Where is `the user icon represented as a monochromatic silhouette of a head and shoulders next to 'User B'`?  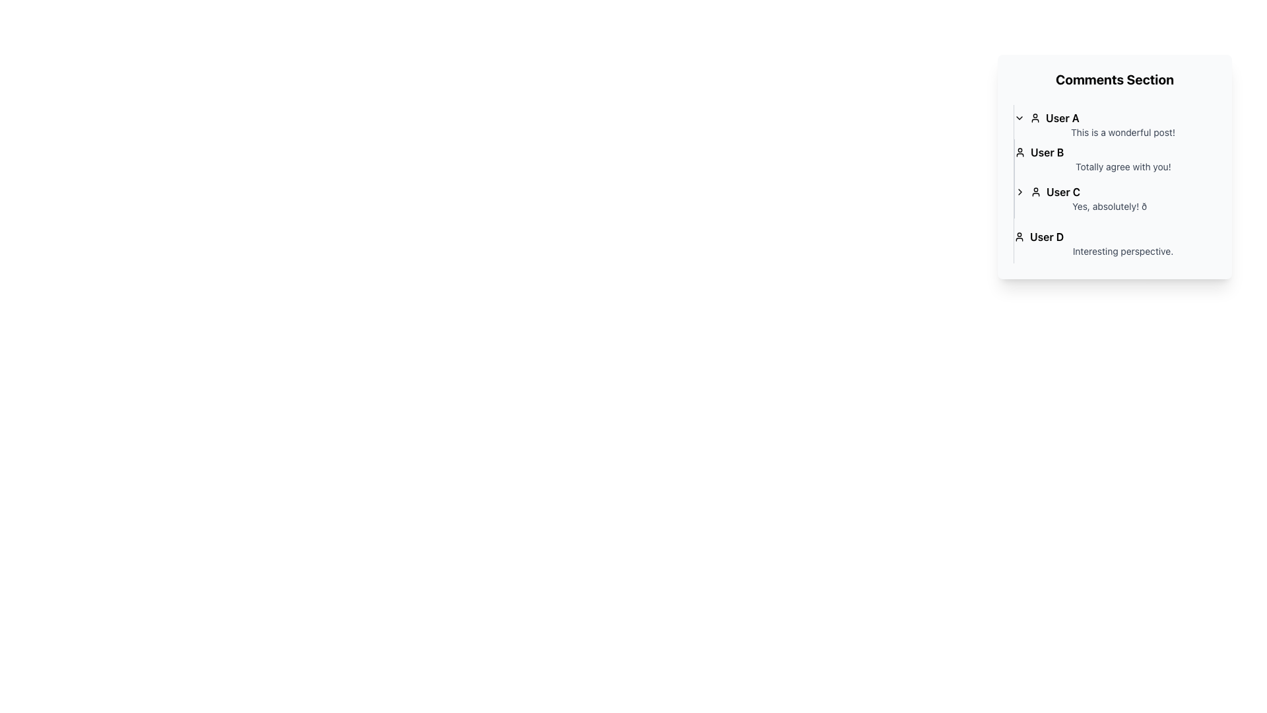 the user icon represented as a monochromatic silhouette of a head and shoulders next to 'User B' is located at coordinates (1019, 152).